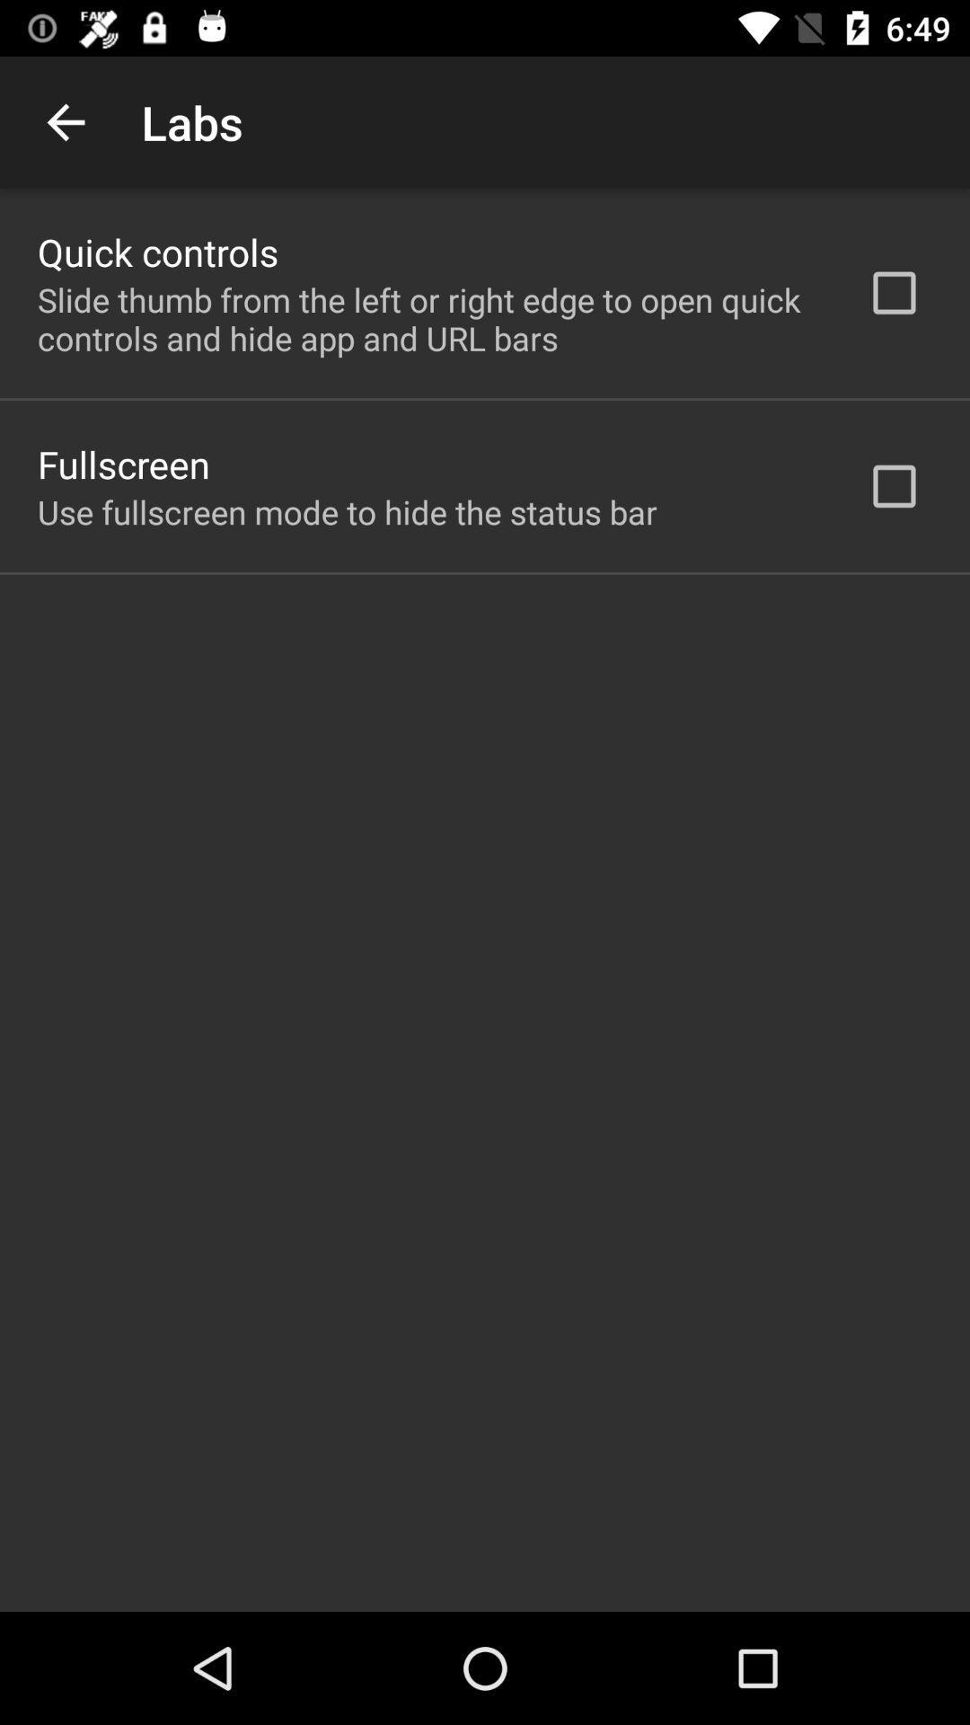 The width and height of the screenshot is (970, 1725). I want to click on icon below the quick controls, so click(428, 319).